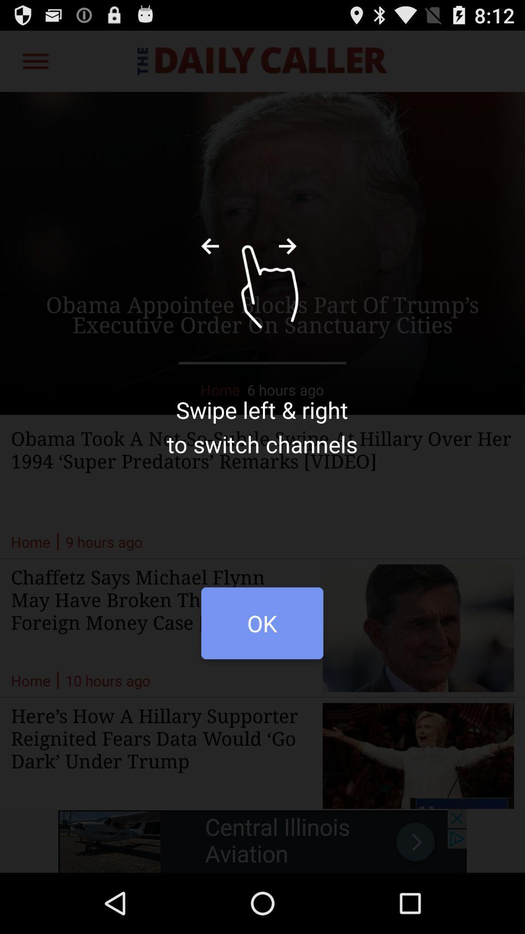 The image size is (525, 934). What do you see at coordinates (262, 628) in the screenshot?
I see `the ok icon` at bounding box center [262, 628].